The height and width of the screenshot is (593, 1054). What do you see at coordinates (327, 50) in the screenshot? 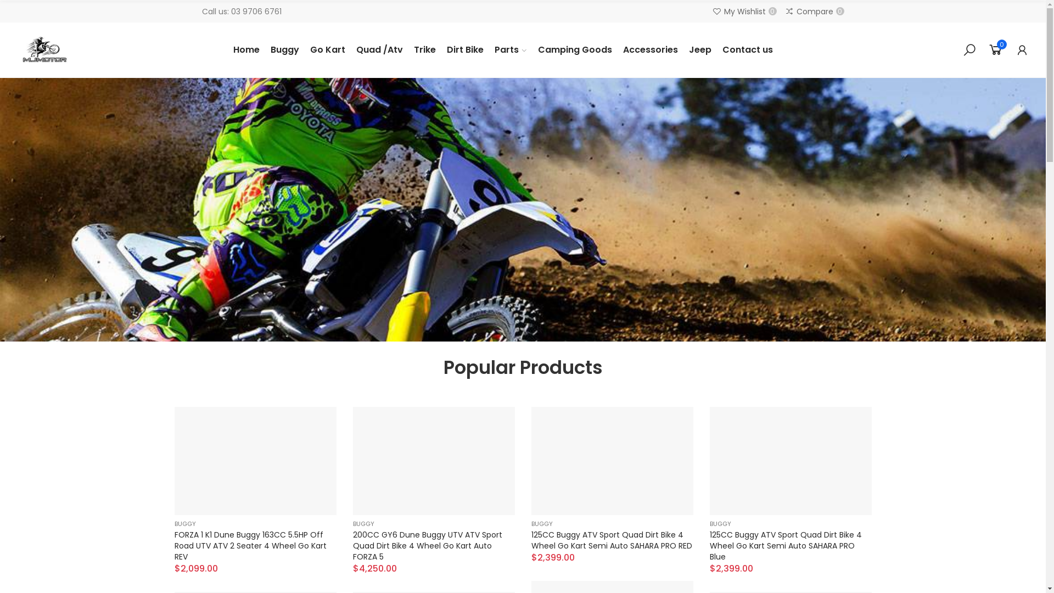
I see `'Go Kart'` at bounding box center [327, 50].